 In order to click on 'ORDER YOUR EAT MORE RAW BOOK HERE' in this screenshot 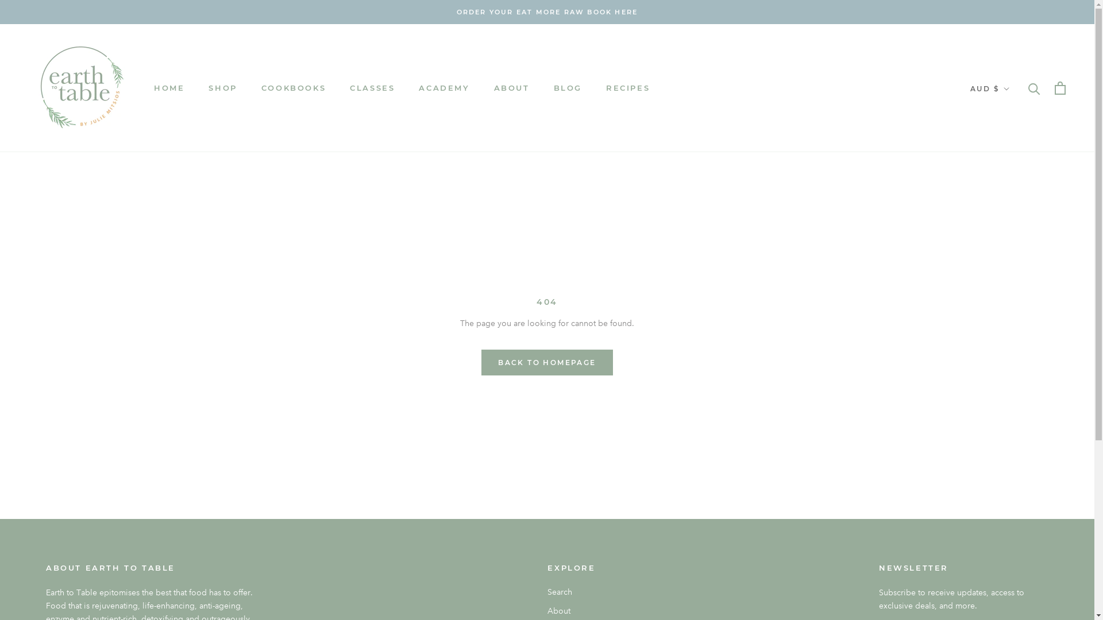, I will do `click(547, 11)`.